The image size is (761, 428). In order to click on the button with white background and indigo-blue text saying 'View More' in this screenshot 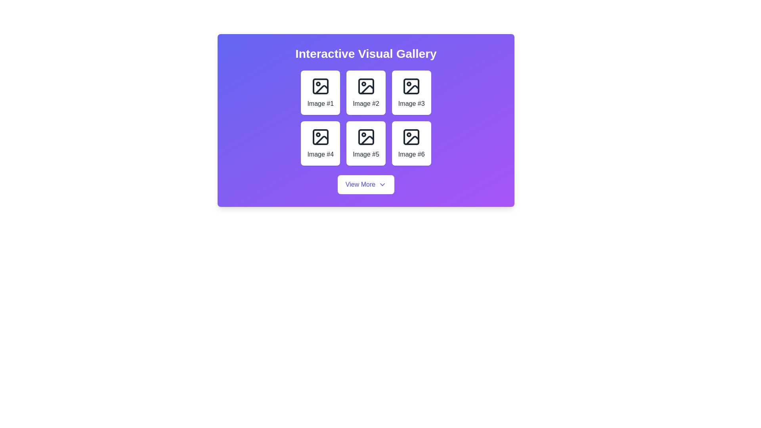, I will do `click(365, 185)`.